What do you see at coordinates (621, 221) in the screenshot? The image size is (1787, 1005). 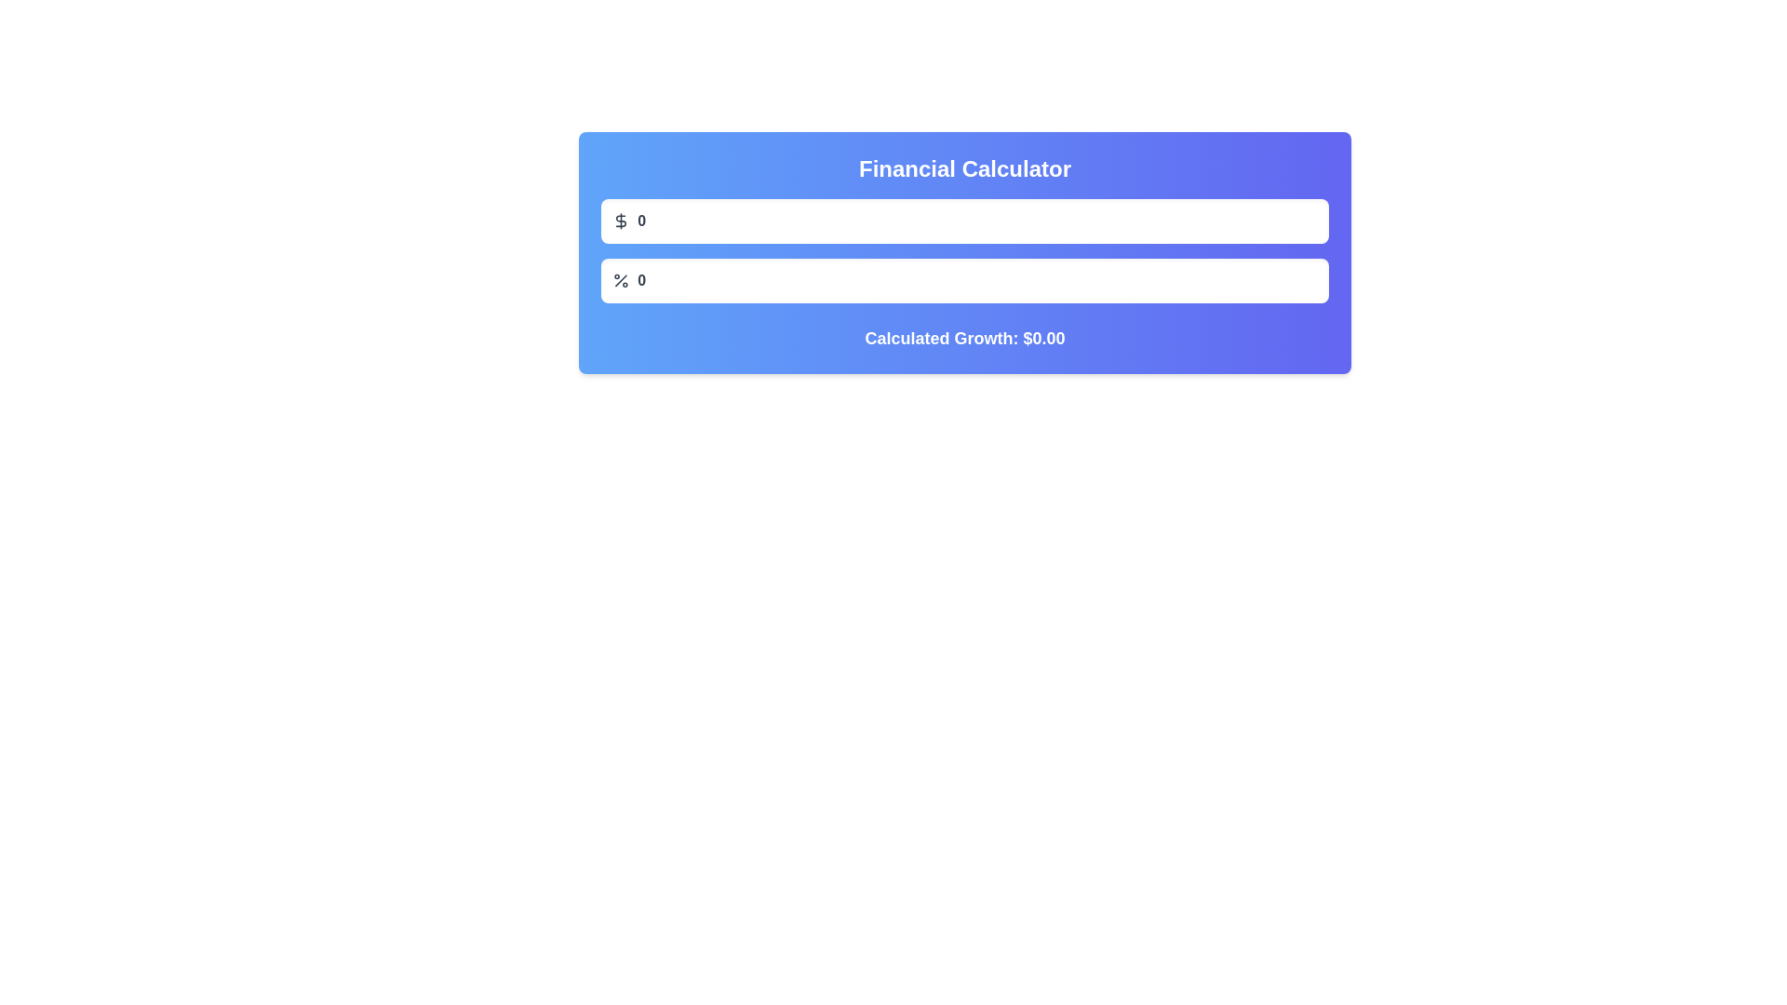 I see `the dollar sign icon styled as an SVG graphic, which is dark gray and placed to the left of the numeric input field labeled 'Enter Amount'` at bounding box center [621, 221].